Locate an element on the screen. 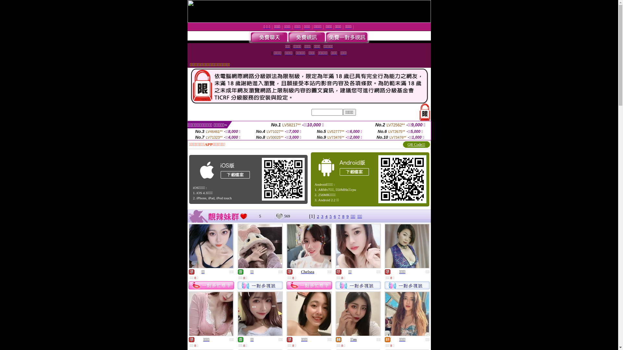  '9' is located at coordinates (347, 216).